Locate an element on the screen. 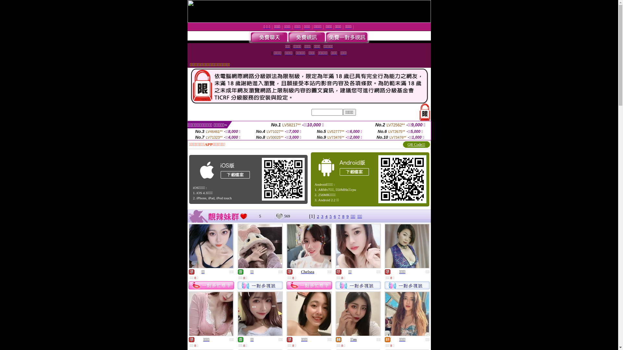  '9' is located at coordinates (347, 216).